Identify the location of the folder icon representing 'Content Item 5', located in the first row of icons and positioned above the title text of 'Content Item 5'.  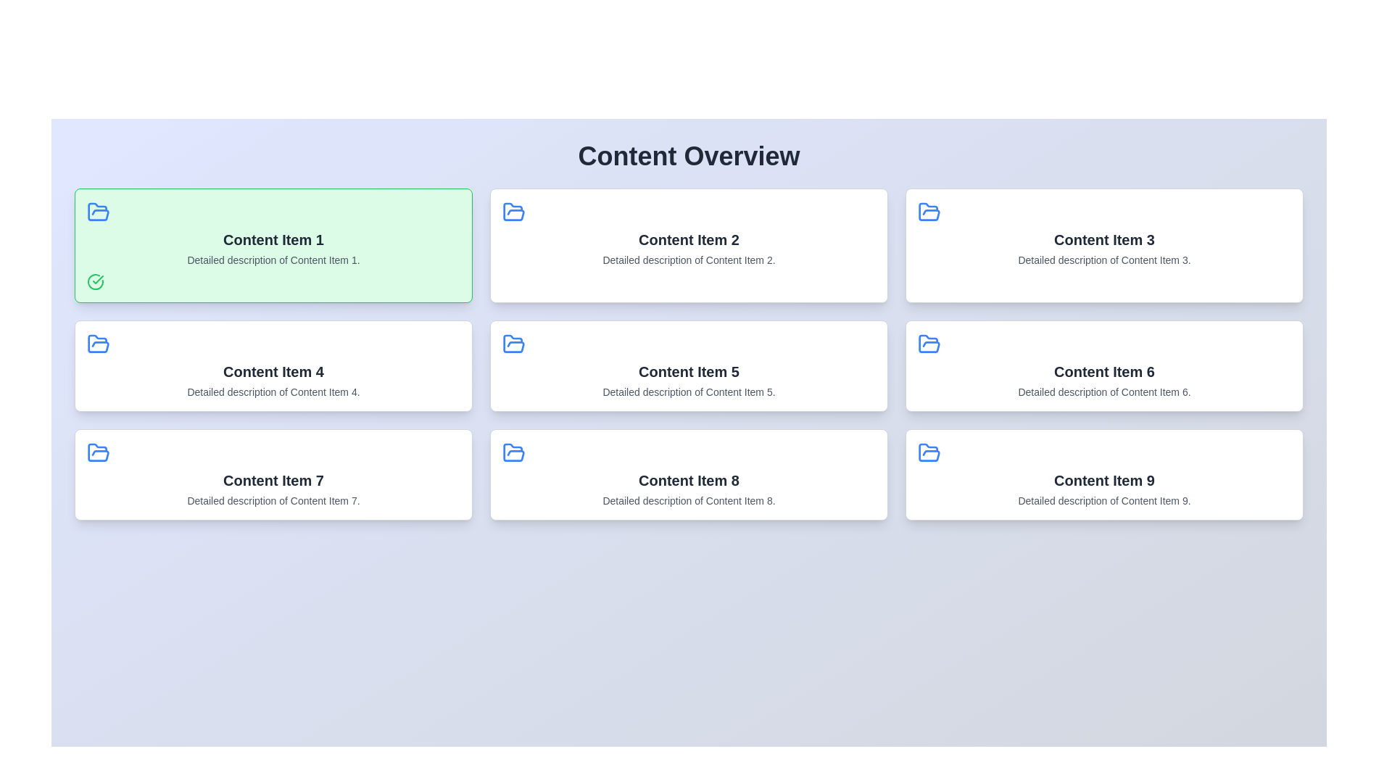
(514, 344).